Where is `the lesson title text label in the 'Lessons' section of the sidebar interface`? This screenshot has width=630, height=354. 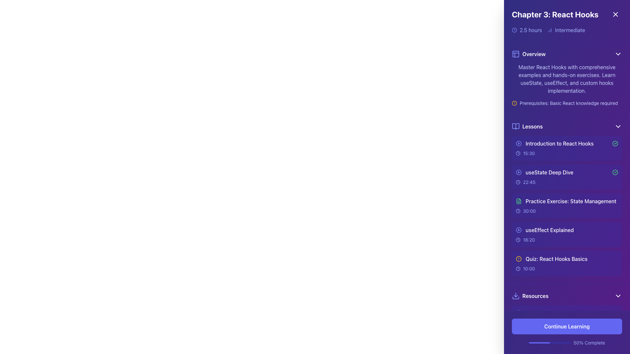
the lesson title text label in the 'Lessons' section of the sidebar interface is located at coordinates (554, 143).